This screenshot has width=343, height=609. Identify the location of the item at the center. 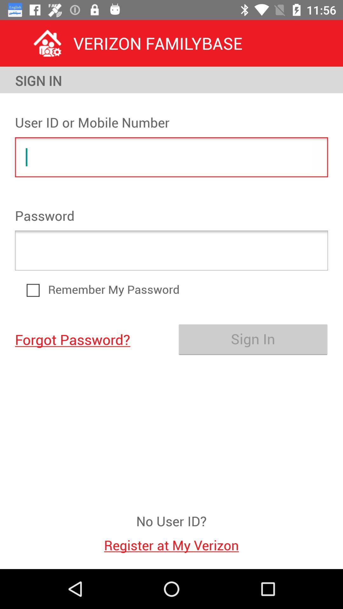
(171, 250).